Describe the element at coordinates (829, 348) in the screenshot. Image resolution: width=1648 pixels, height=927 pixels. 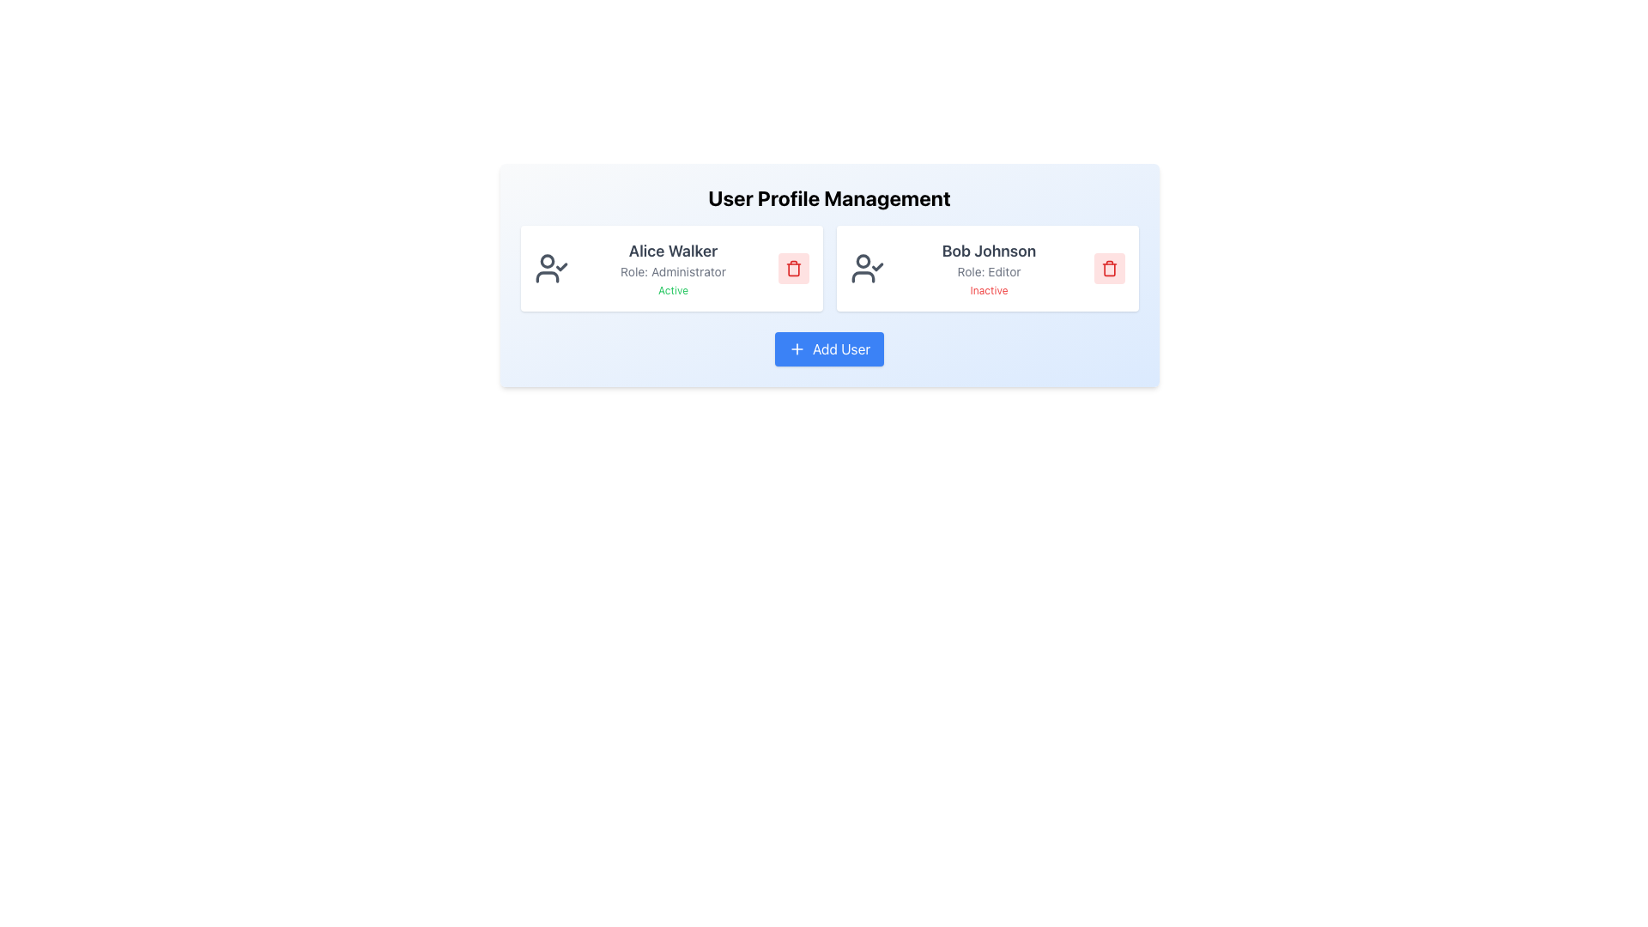
I see `the button to add a new user located beneath the user profile cards for 'Alice Walker' and 'Bob Johnson' in the 'User Profile Management' section` at that location.